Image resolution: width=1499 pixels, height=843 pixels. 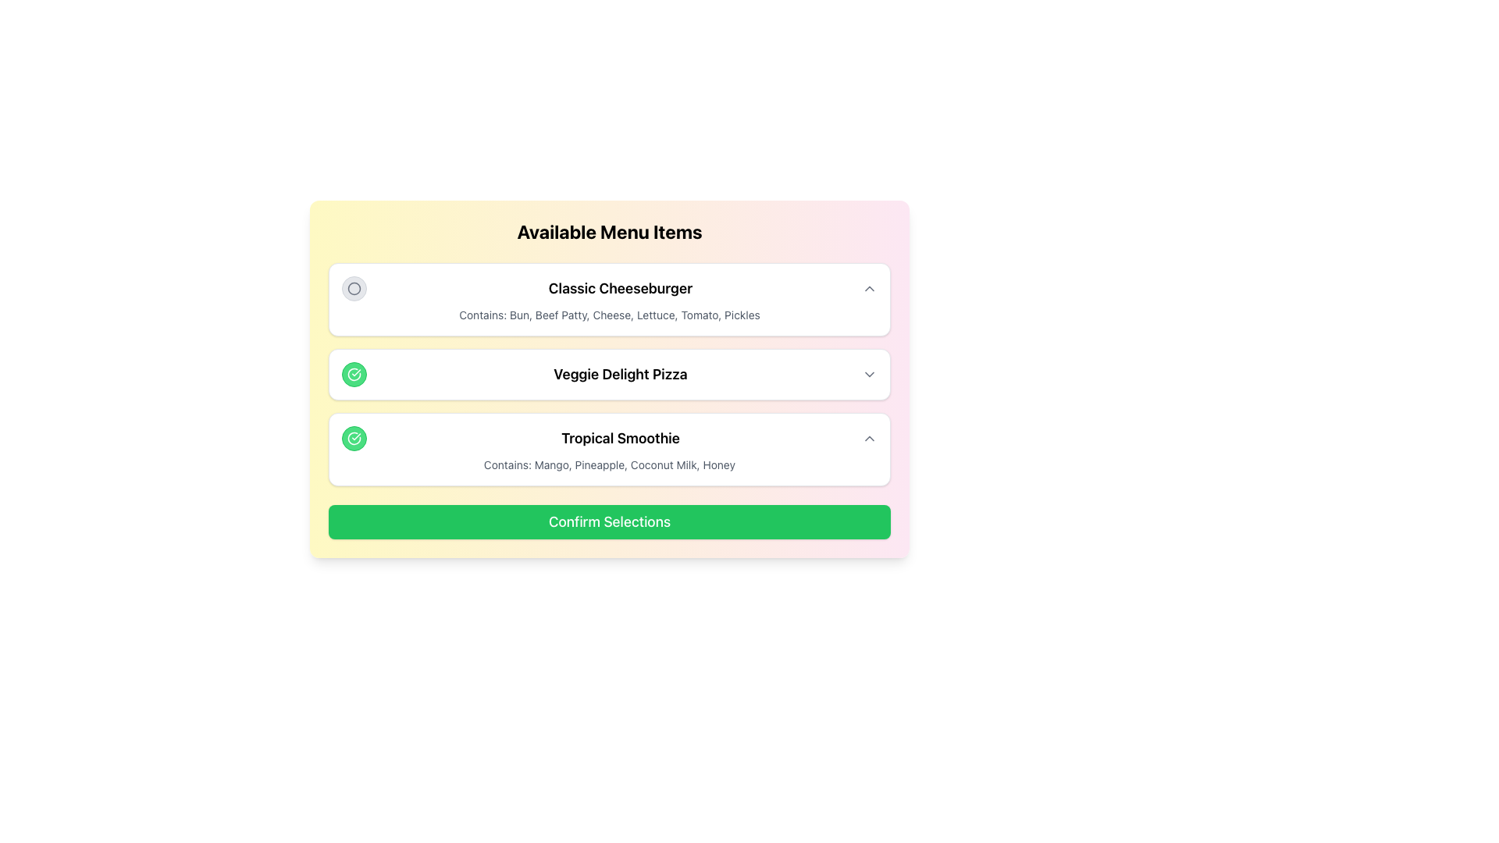 What do you see at coordinates (609, 315) in the screenshot?
I see `the textual descriptor that lists the components of the dish, which reads 'Contains: Bun, Beef Patty, Cheese, Lettuce, Tomato, Pickles', located directly underneath the 'Classic Cheeseburger' header` at bounding box center [609, 315].